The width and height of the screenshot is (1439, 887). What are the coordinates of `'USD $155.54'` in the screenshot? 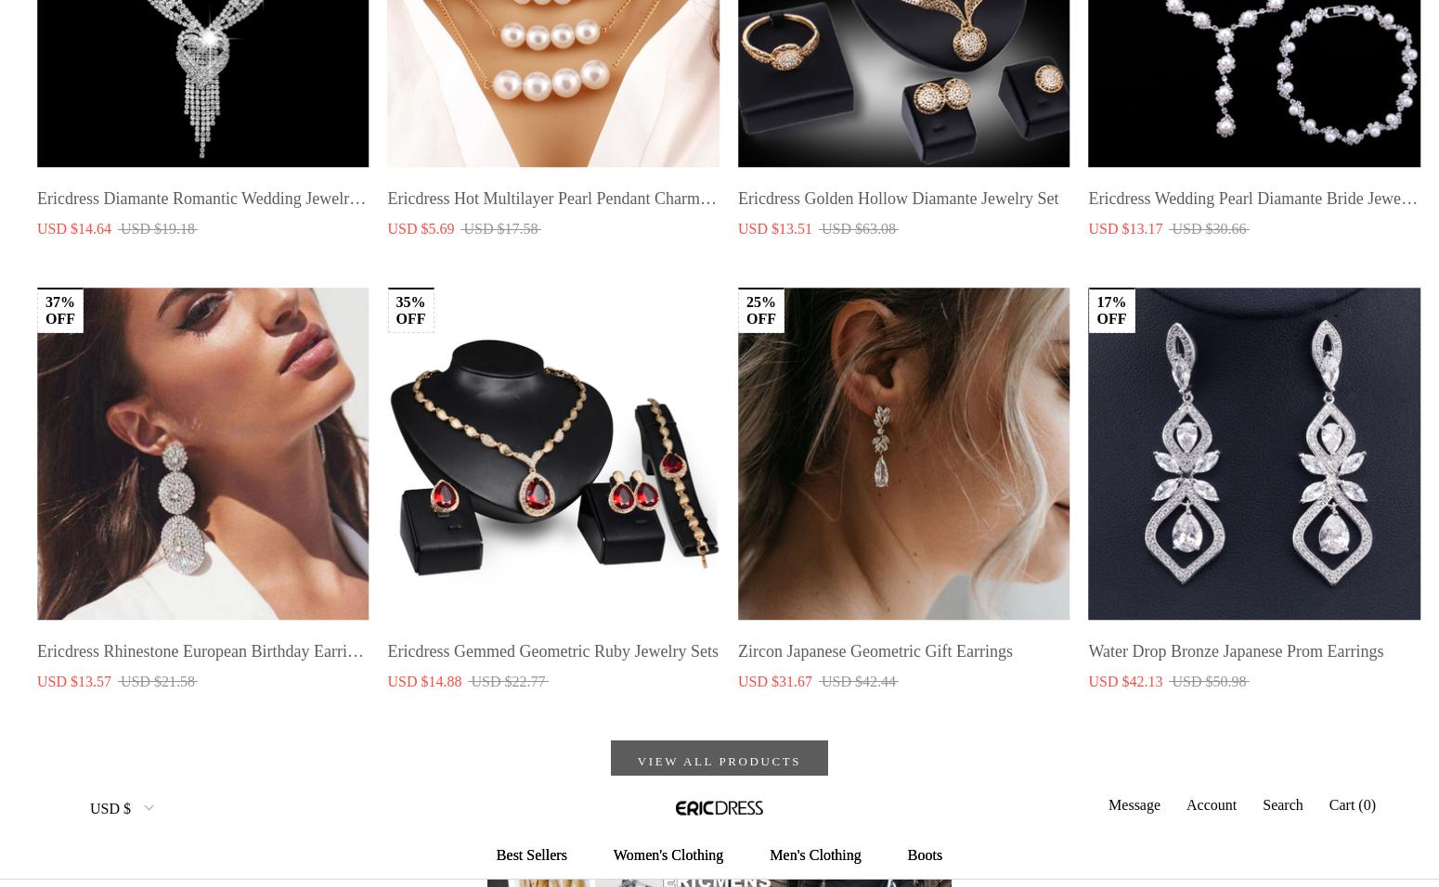 It's located at (35, 287).